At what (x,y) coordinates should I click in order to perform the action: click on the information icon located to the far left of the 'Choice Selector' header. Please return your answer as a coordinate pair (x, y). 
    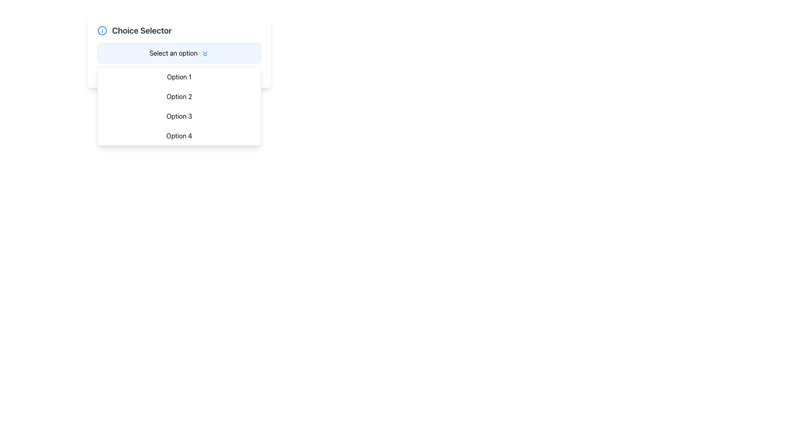
    Looking at the image, I should click on (102, 30).